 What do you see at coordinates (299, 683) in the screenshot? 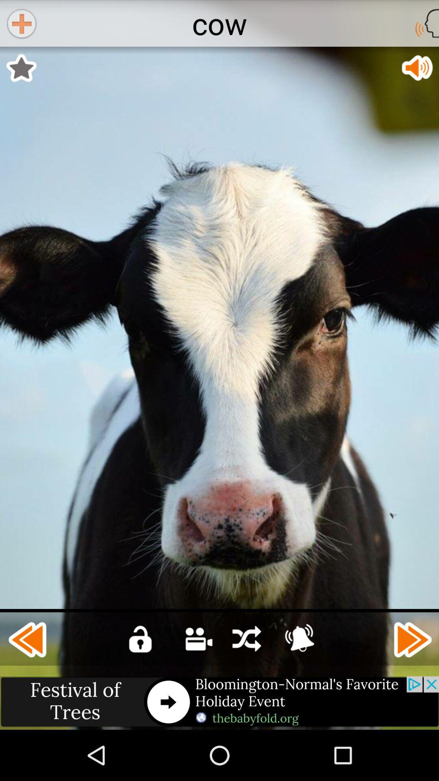
I see `the notifications icon` at bounding box center [299, 683].